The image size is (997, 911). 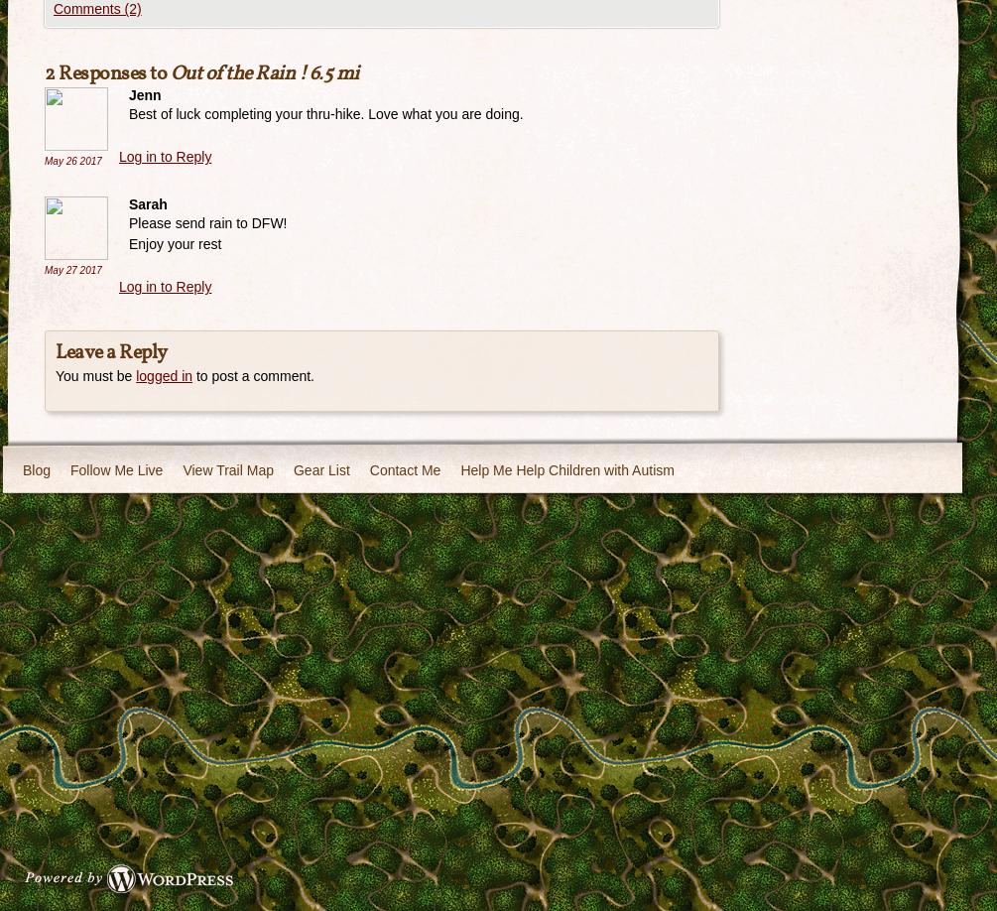 I want to click on 'You must be', so click(x=55, y=375).